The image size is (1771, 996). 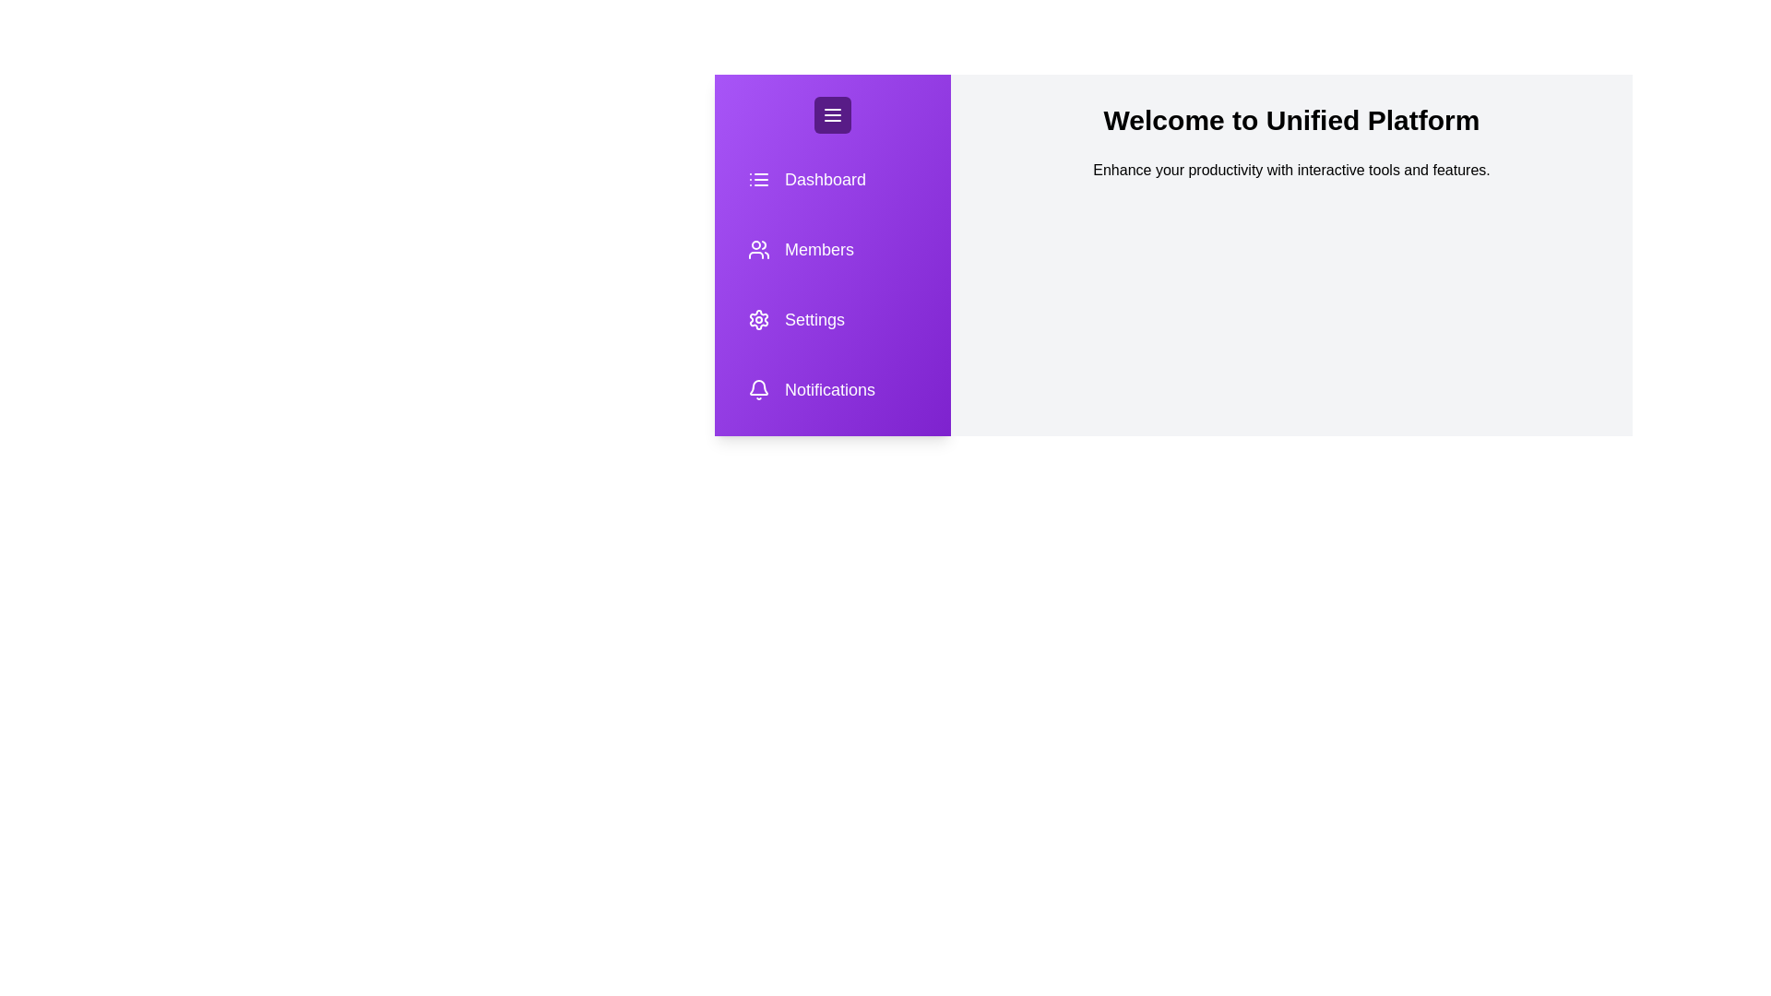 What do you see at coordinates (831, 249) in the screenshot?
I see `the Members icon in the sidebar to navigate to the corresponding section` at bounding box center [831, 249].